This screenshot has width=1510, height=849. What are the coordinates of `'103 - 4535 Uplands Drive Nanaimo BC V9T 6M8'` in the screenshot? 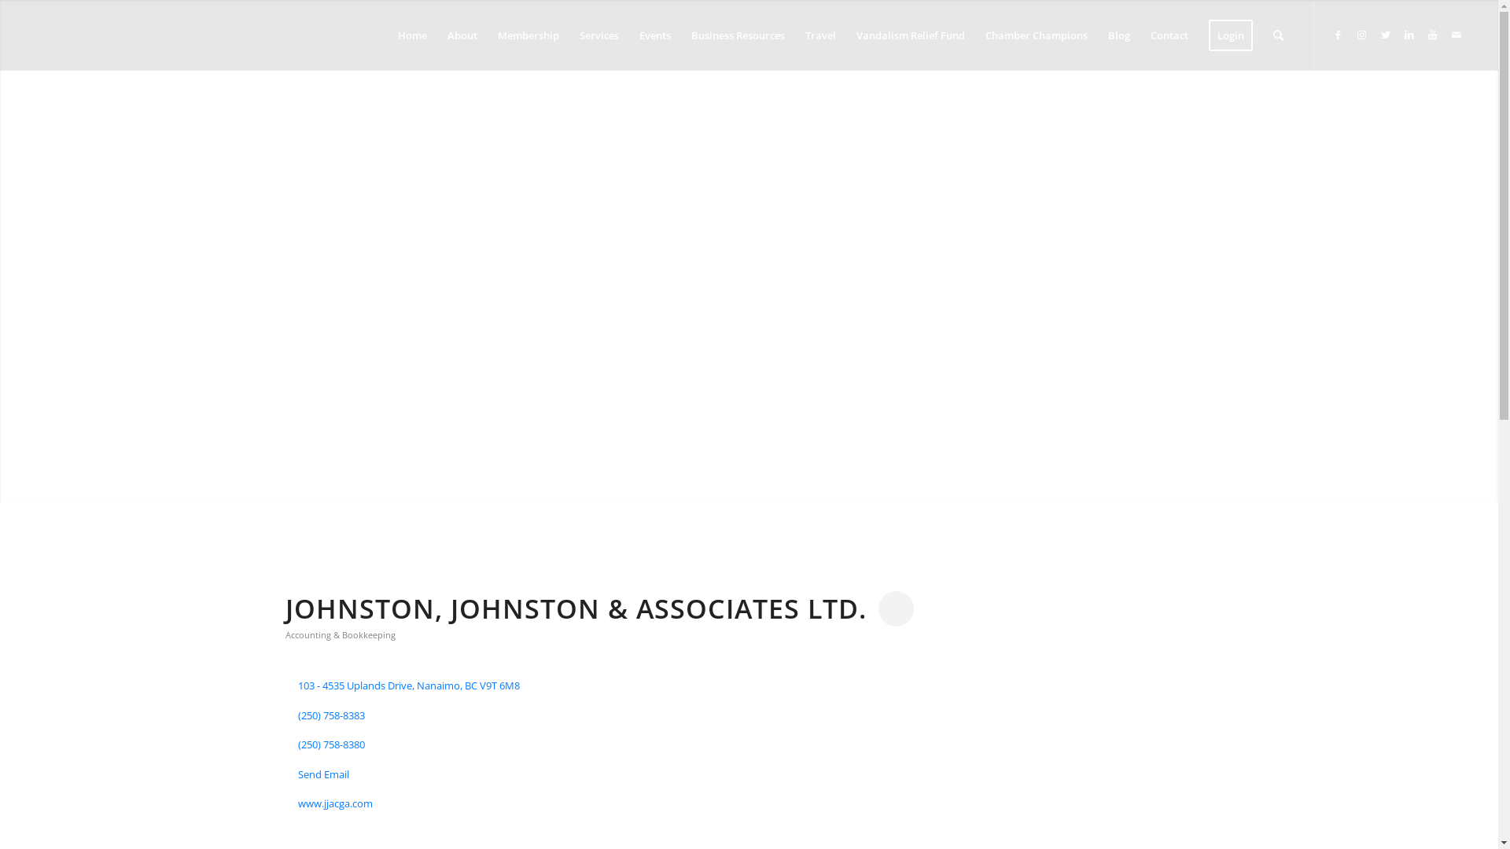 It's located at (408, 685).